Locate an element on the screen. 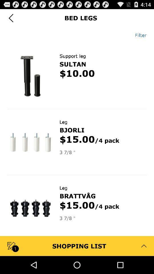  the icon above the $10.00 item is located at coordinates (73, 64).